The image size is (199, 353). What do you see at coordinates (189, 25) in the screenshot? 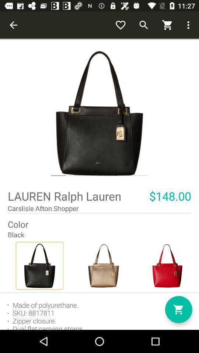
I see `last icon which is at the top right of the page` at bounding box center [189, 25].